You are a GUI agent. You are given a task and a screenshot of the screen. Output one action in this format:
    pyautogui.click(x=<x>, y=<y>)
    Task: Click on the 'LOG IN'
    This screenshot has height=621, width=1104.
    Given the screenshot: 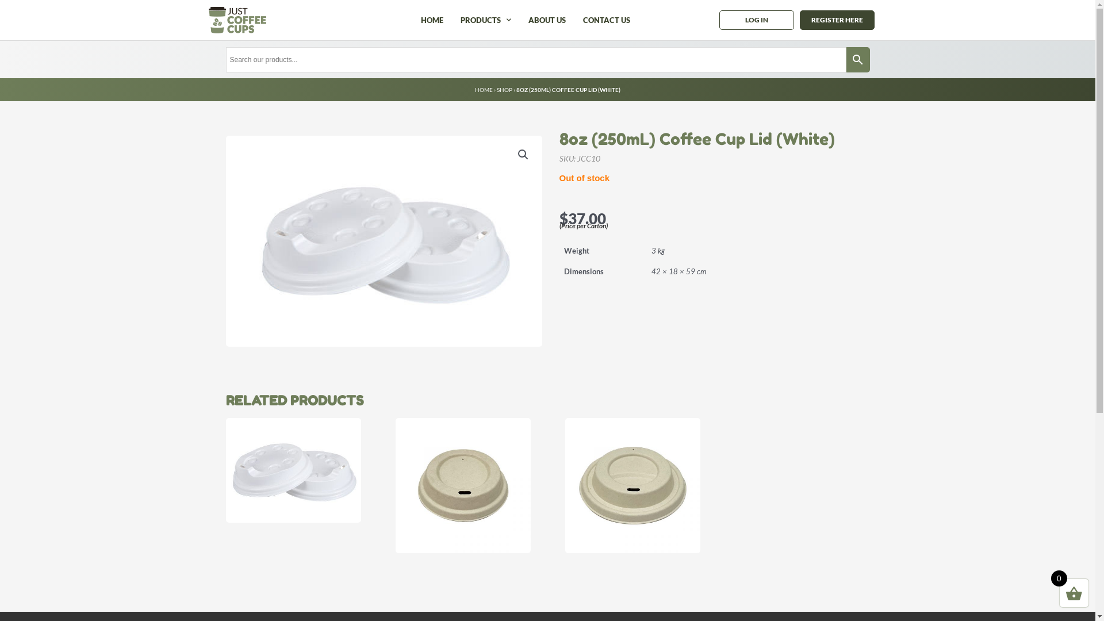 What is the action you would take?
    pyautogui.click(x=756, y=20)
    